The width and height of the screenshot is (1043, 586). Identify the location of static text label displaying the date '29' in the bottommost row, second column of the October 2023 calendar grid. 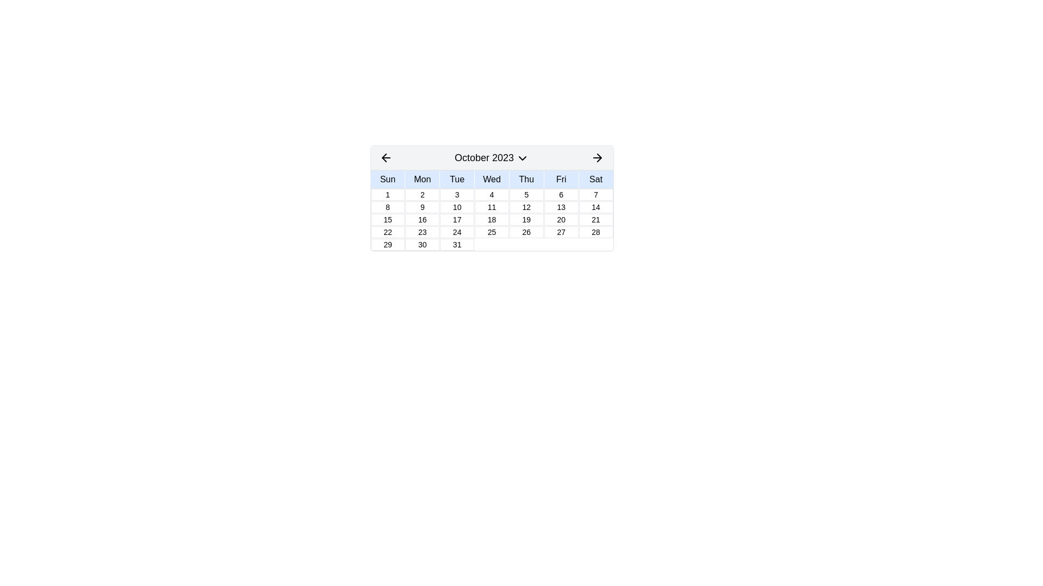
(387, 245).